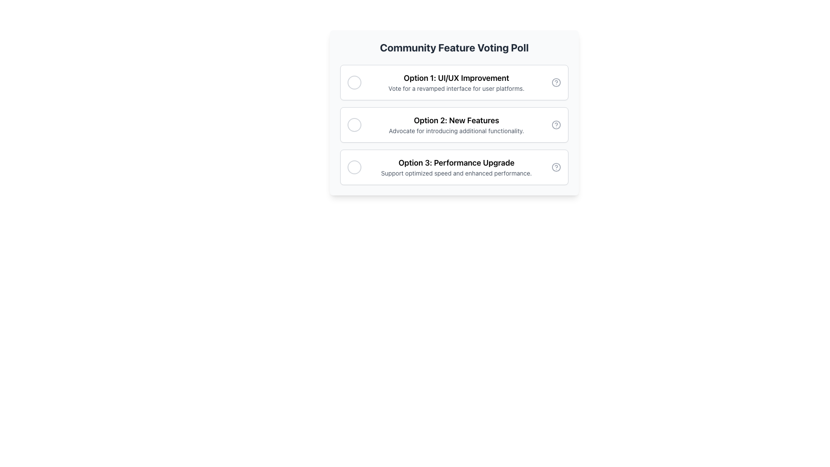 The width and height of the screenshot is (830, 467). I want to click on the Informational text block that describes the 'Performance Upgrade' option in the Community Feature Voting Poll, located below 'Option 2: New Features', so click(456, 167).